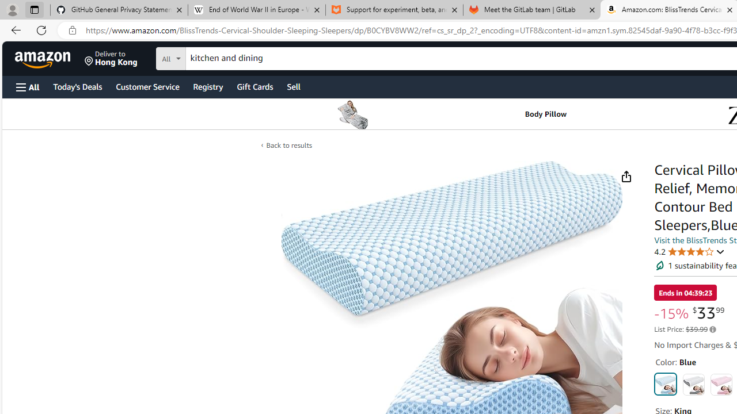  Describe the element at coordinates (44, 58) in the screenshot. I see `'Amazon'` at that location.